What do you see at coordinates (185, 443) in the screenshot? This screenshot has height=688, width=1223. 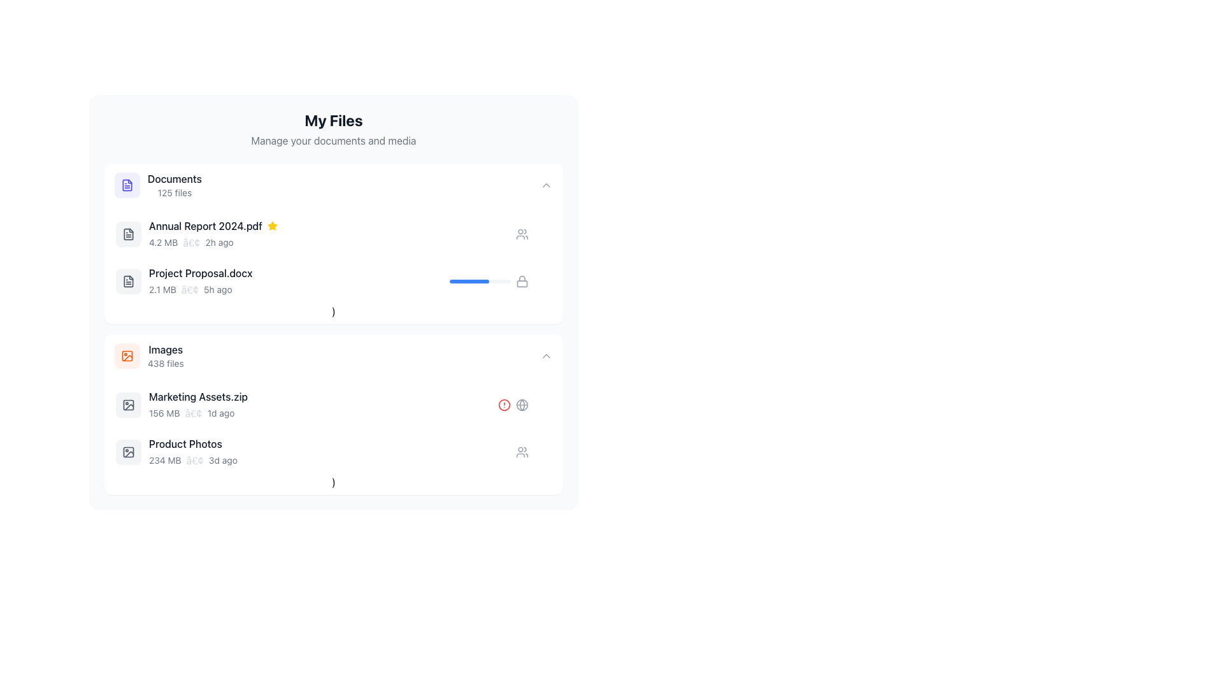 I see `the 'Product Photos' text element styled in gray on a white background, located in the fourth section of the 'My Files' interface, below 'Marketing Assets.zip'` at bounding box center [185, 443].